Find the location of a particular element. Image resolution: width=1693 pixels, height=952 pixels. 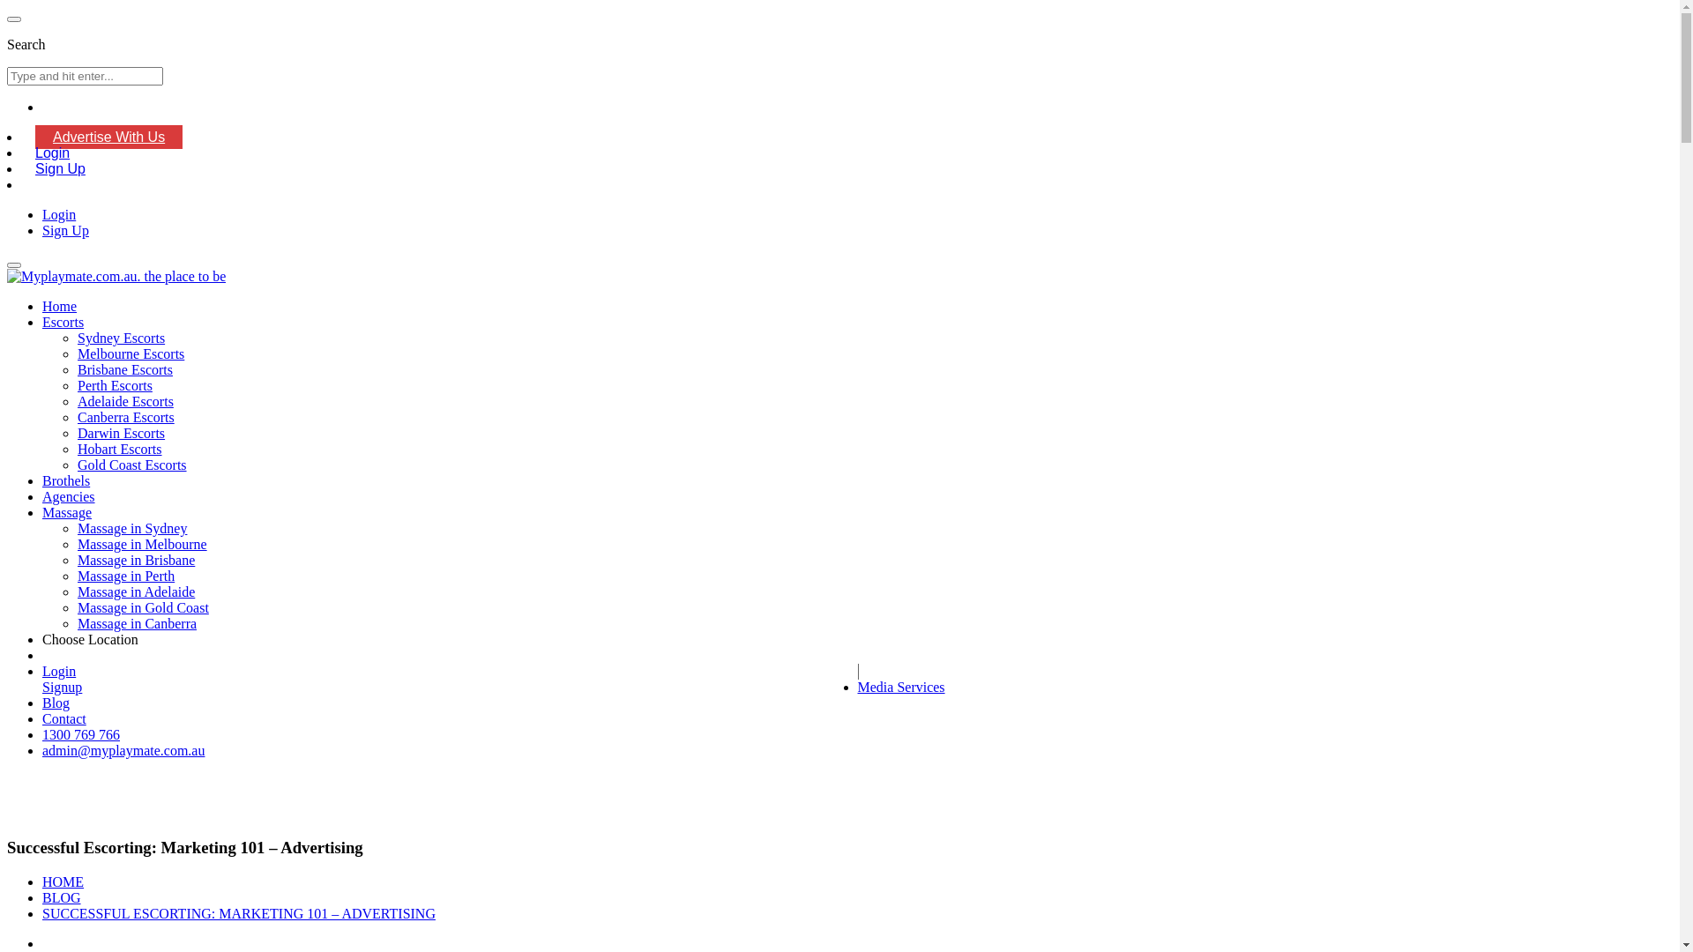

'Sign Up' is located at coordinates (65, 229).